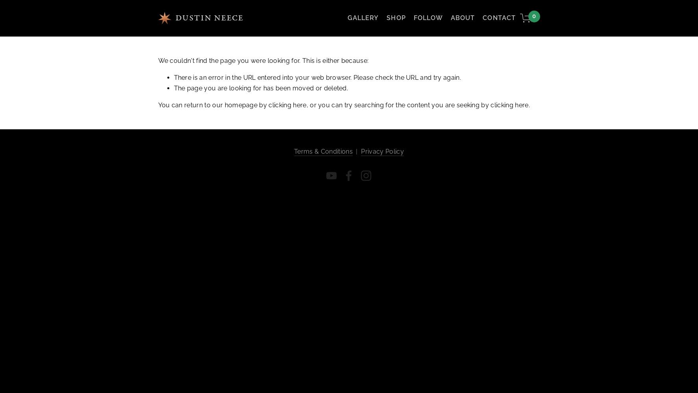  Describe the element at coordinates (323, 151) in the screenshot. I see `'Terms & Conditions'` at that location.